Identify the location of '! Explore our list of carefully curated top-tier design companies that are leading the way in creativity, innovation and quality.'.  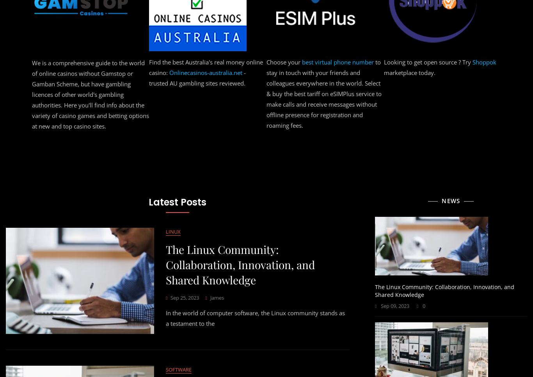
(256, 78).